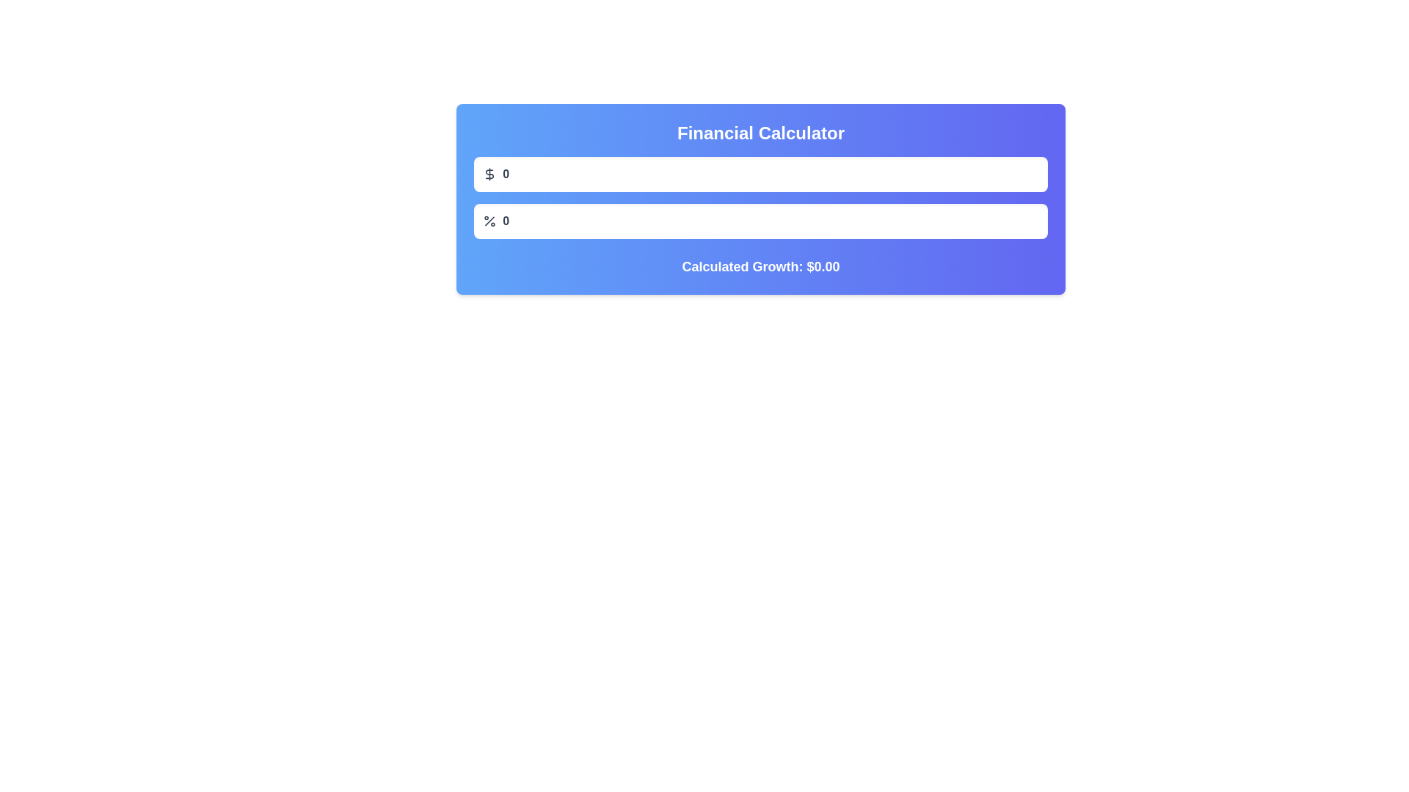  What do you see at coordinates (760, 266) in the screenshot?
I see `the text label displaying 'Calculated Growth: $0.00' in bold white font, located at the bottom of the 'Financial Calculator' card` at bounding box center [760, 266].